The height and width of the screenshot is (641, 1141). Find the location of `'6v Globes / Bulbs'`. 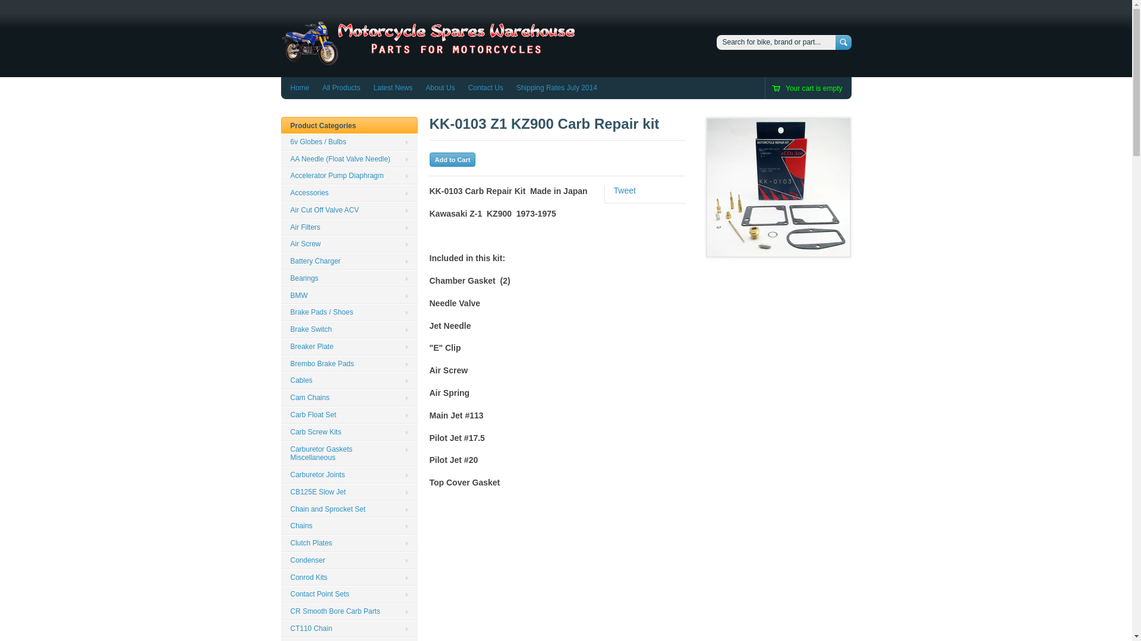

'6v Globes / Bulbs' is located at coordinates (279, 141).